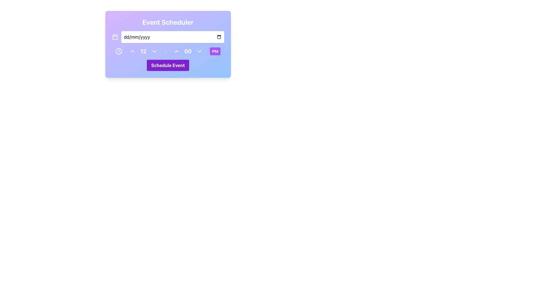 This screenshot has height=303, width=538. Describe the element at coordinates (168, 65) in the screenshot. I see `the 'Schedule Event' button, which has bold white text on a purple background, from its current position` at that location.